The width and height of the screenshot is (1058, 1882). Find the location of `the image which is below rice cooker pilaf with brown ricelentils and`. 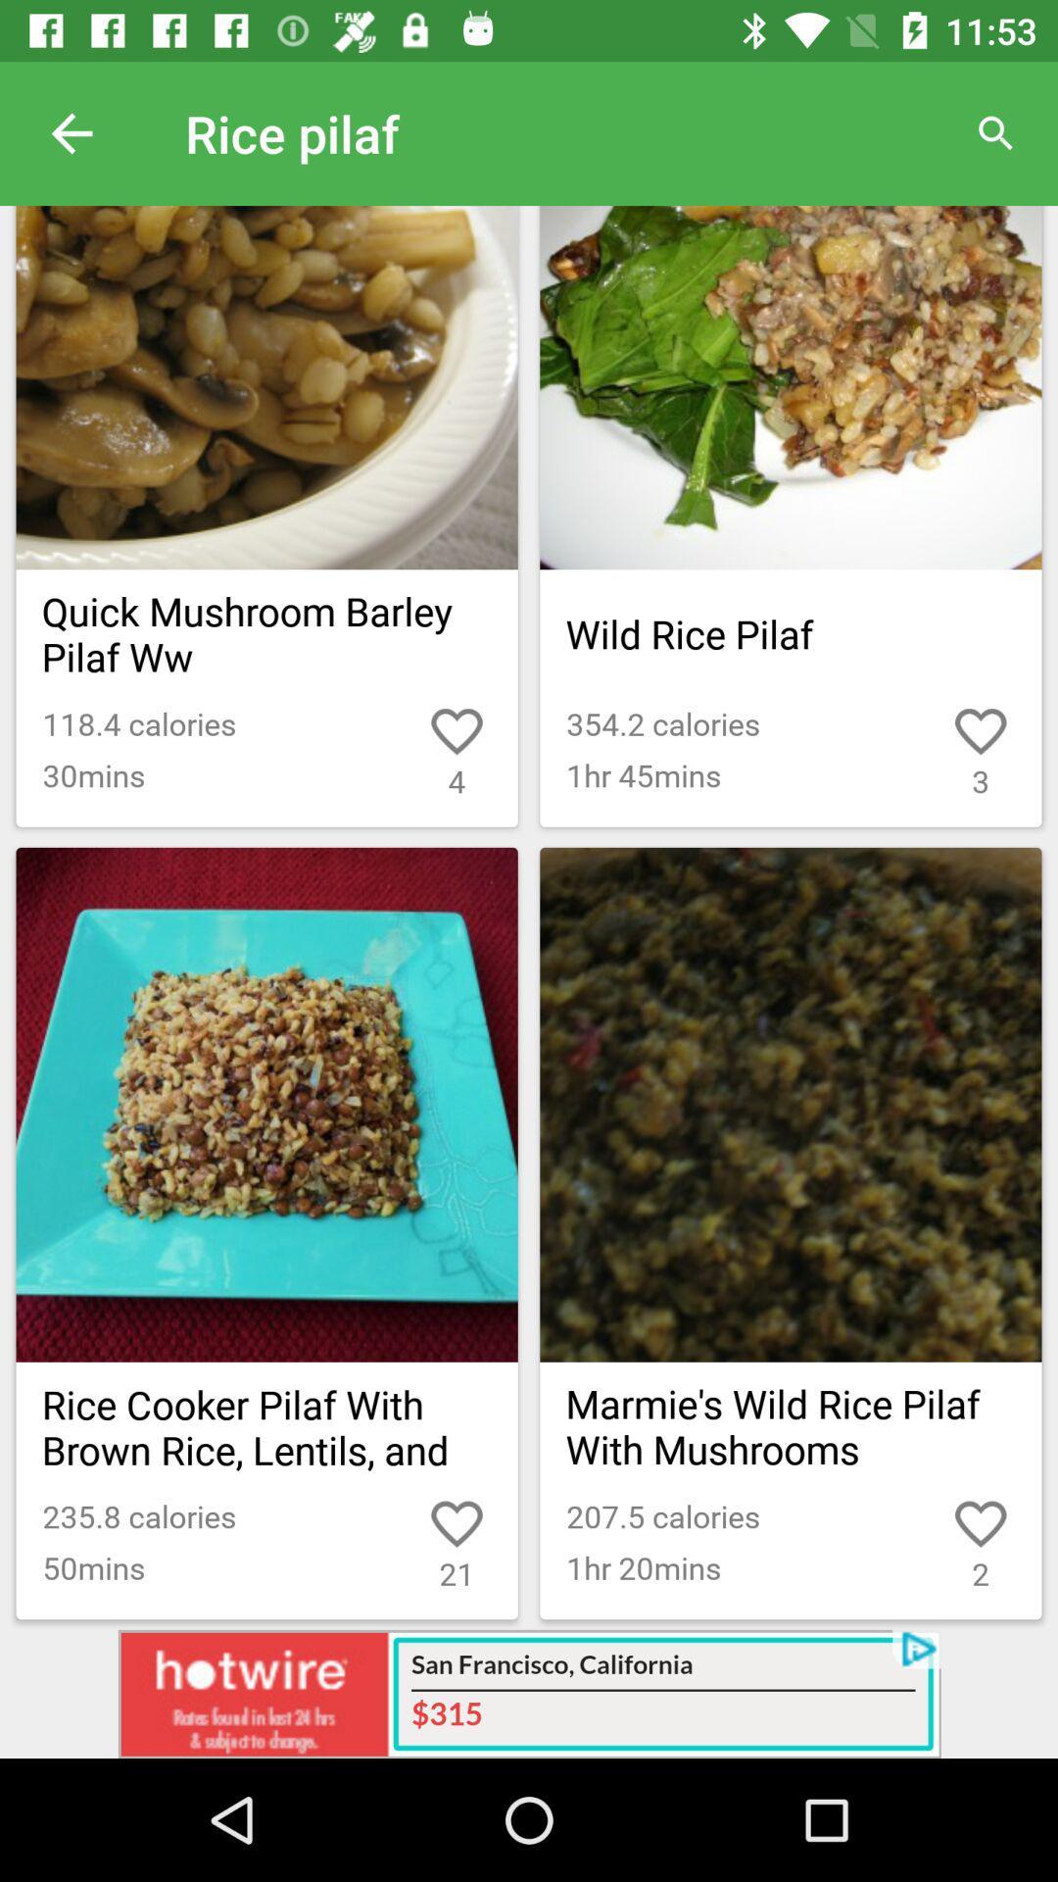

the image which is below rice cooker pilaf with brown ricelentils and is located at coordinates (267, 1105).